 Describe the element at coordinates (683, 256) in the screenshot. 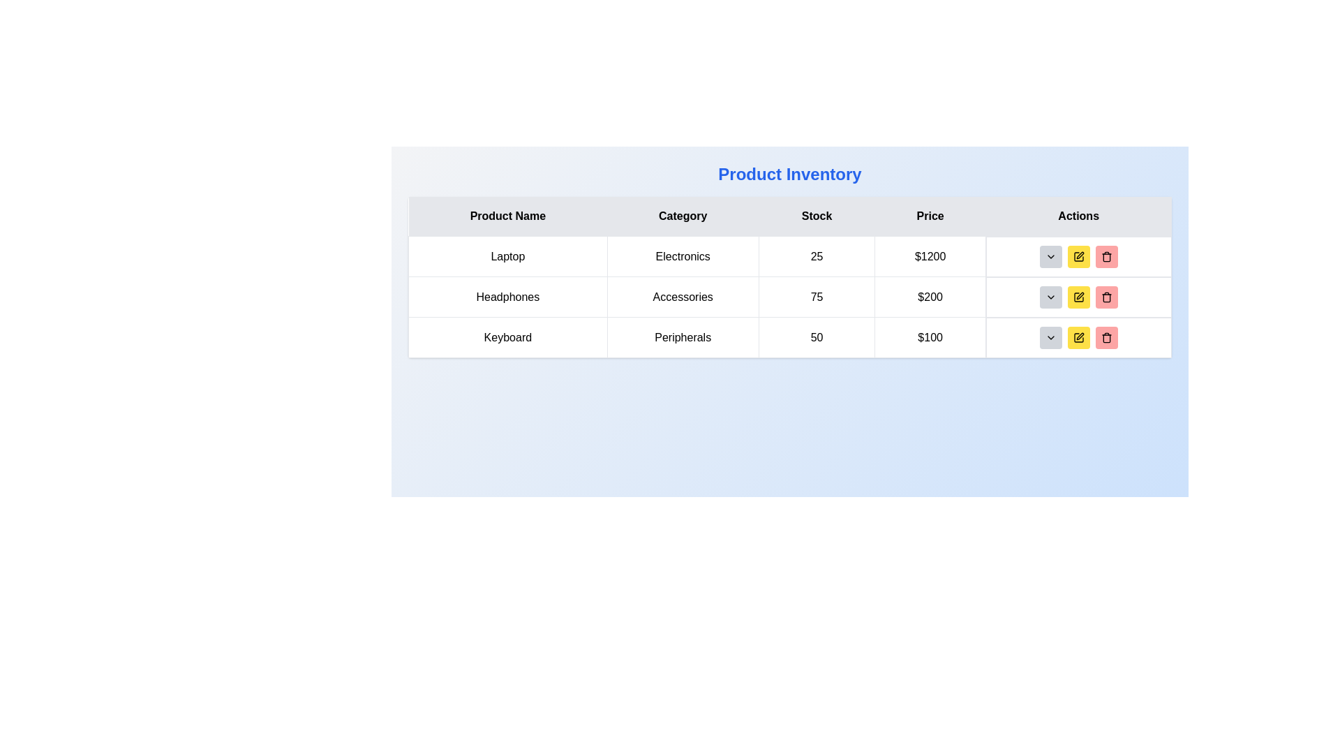

I see `the table cell displaying the text 'Electronics' in the second column of the first data row of the 'Product Inventory' table` at that location.